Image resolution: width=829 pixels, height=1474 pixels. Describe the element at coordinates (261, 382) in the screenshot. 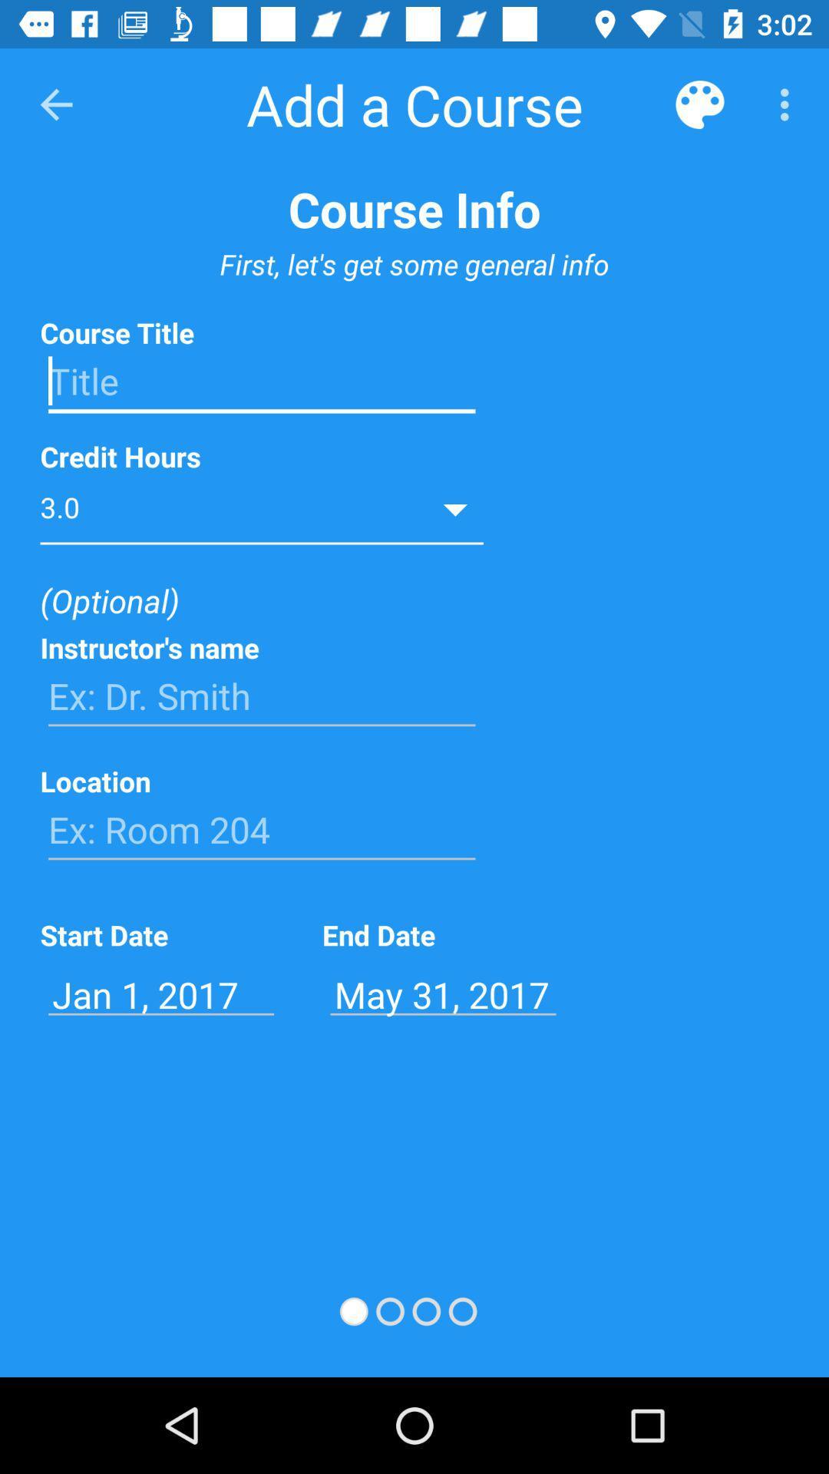

I see `the title` at that location.